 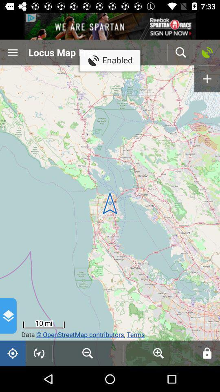 I want to click on the search icon, so click(x=180, y=52).